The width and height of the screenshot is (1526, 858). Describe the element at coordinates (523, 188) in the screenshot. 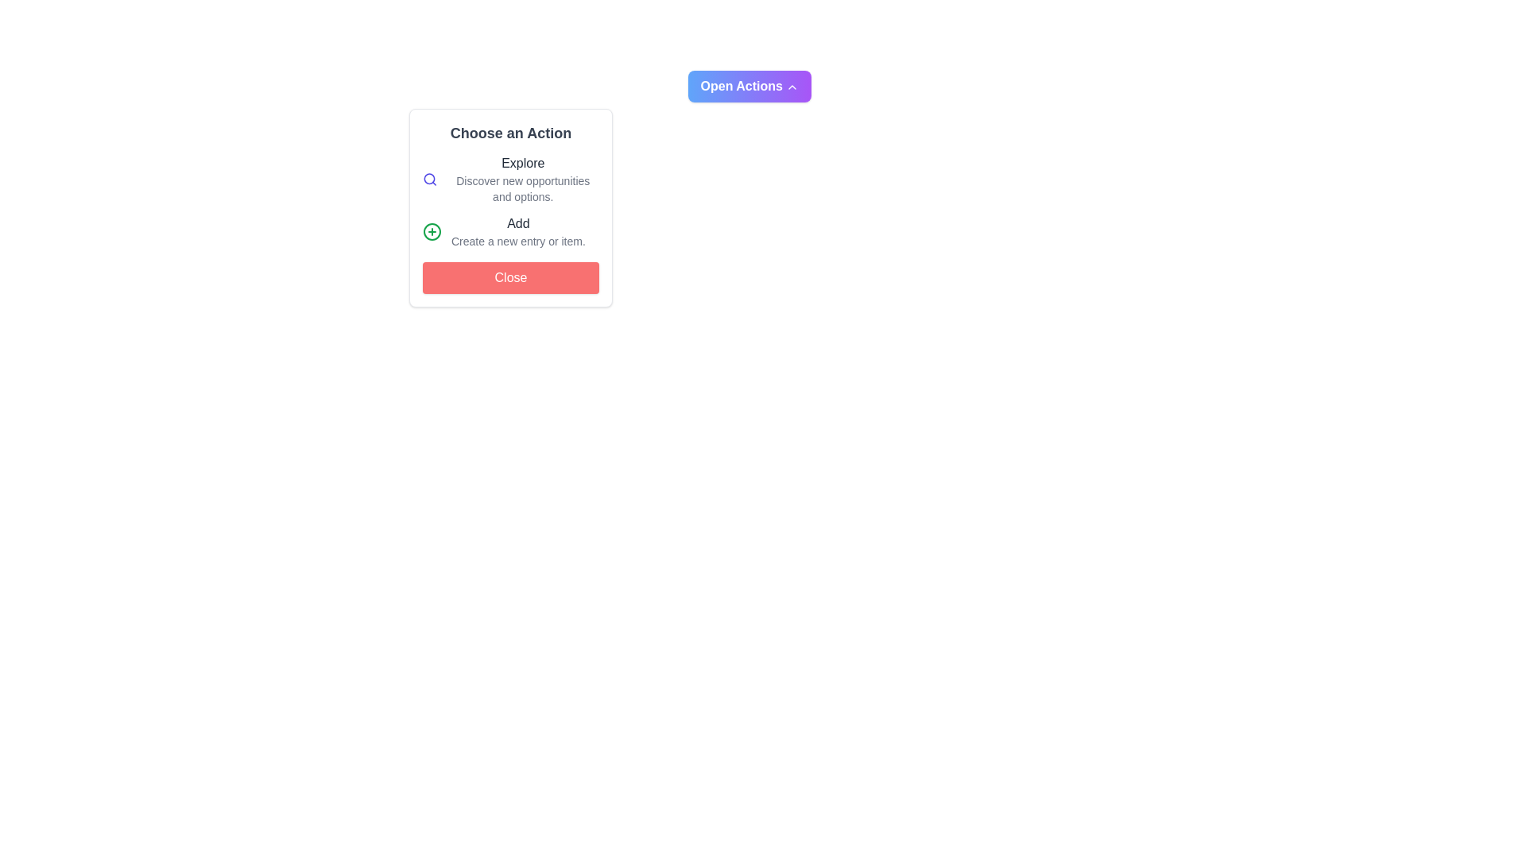

I see `the text label that reads 'Discover new opportunities and options.' which is styled in gray and located directly below the 'Explore' heading in the modal dialog titled 'Choose an Action'` at that location.